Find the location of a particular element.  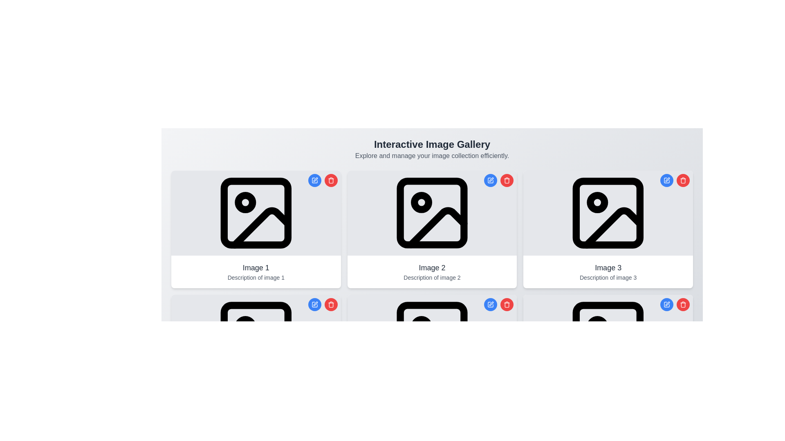

to select the first card in the grid layout that contains an image with a generic placeholder icon and a description reading 'Image 1' and 'Description of image 1' is located at coordinates (255, 229).